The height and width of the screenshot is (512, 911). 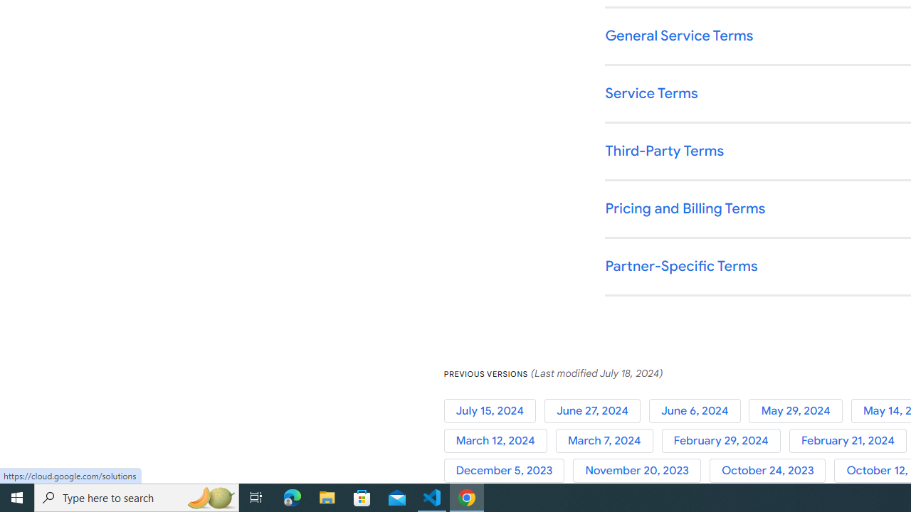 I want to click on 'May 29, 2024', so click(x=799, y=410).